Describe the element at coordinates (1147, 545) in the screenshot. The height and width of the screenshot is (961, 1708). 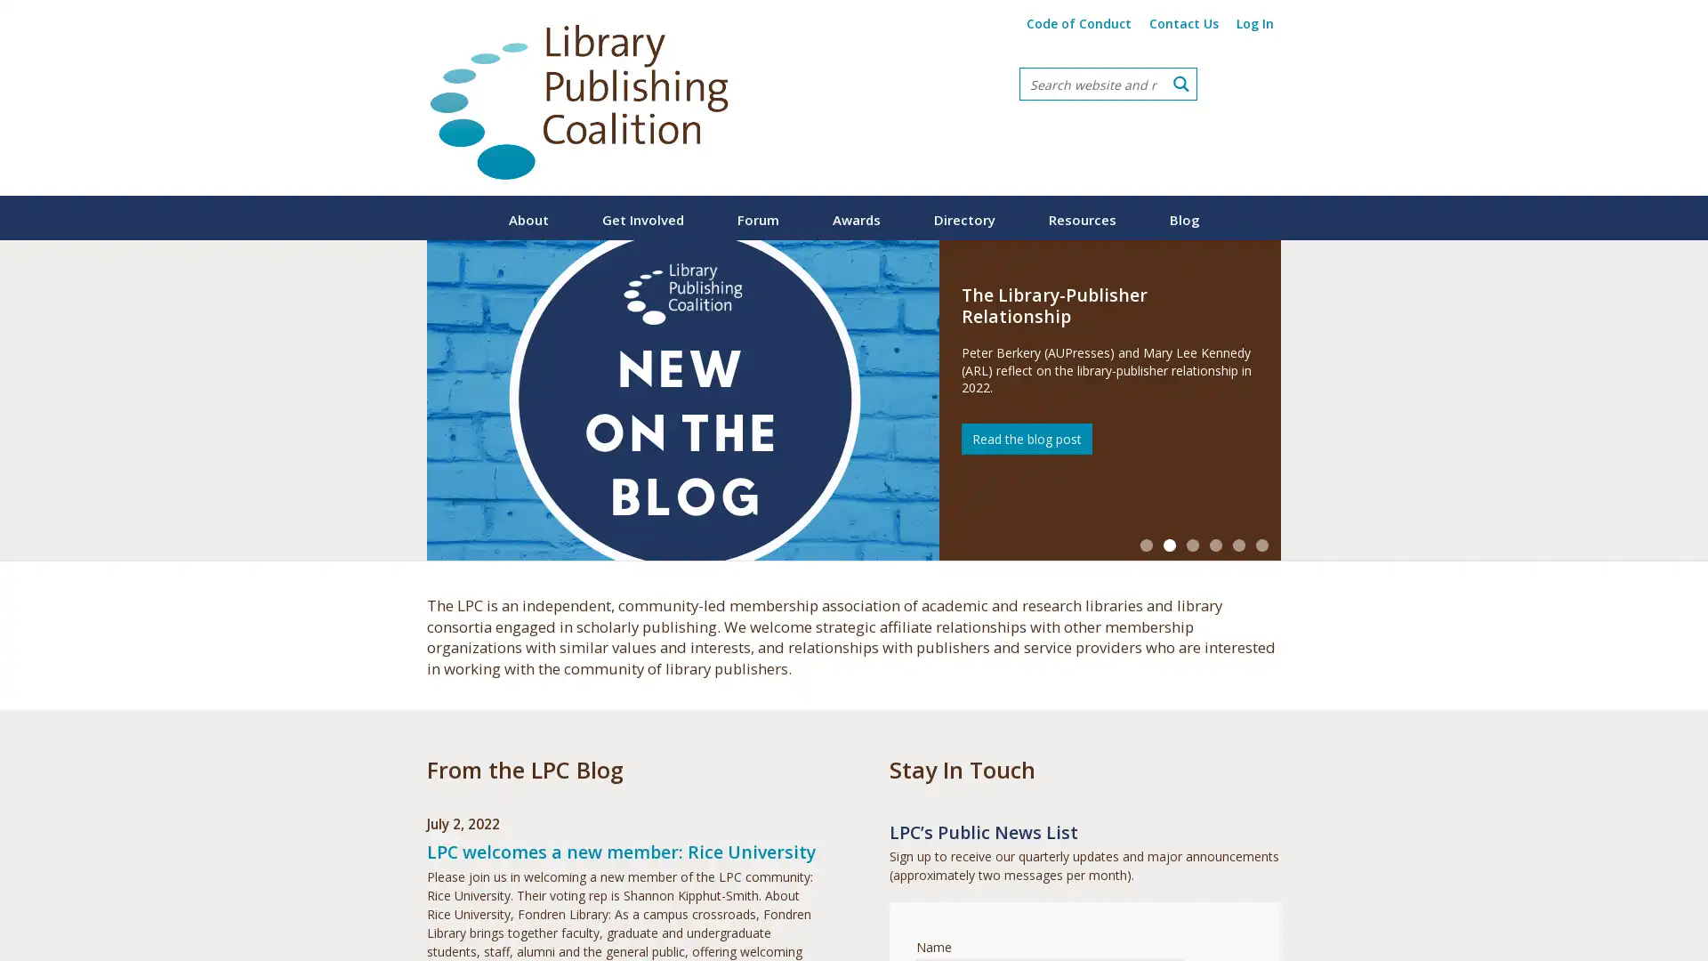
I see `Go to slide 1` at that location.